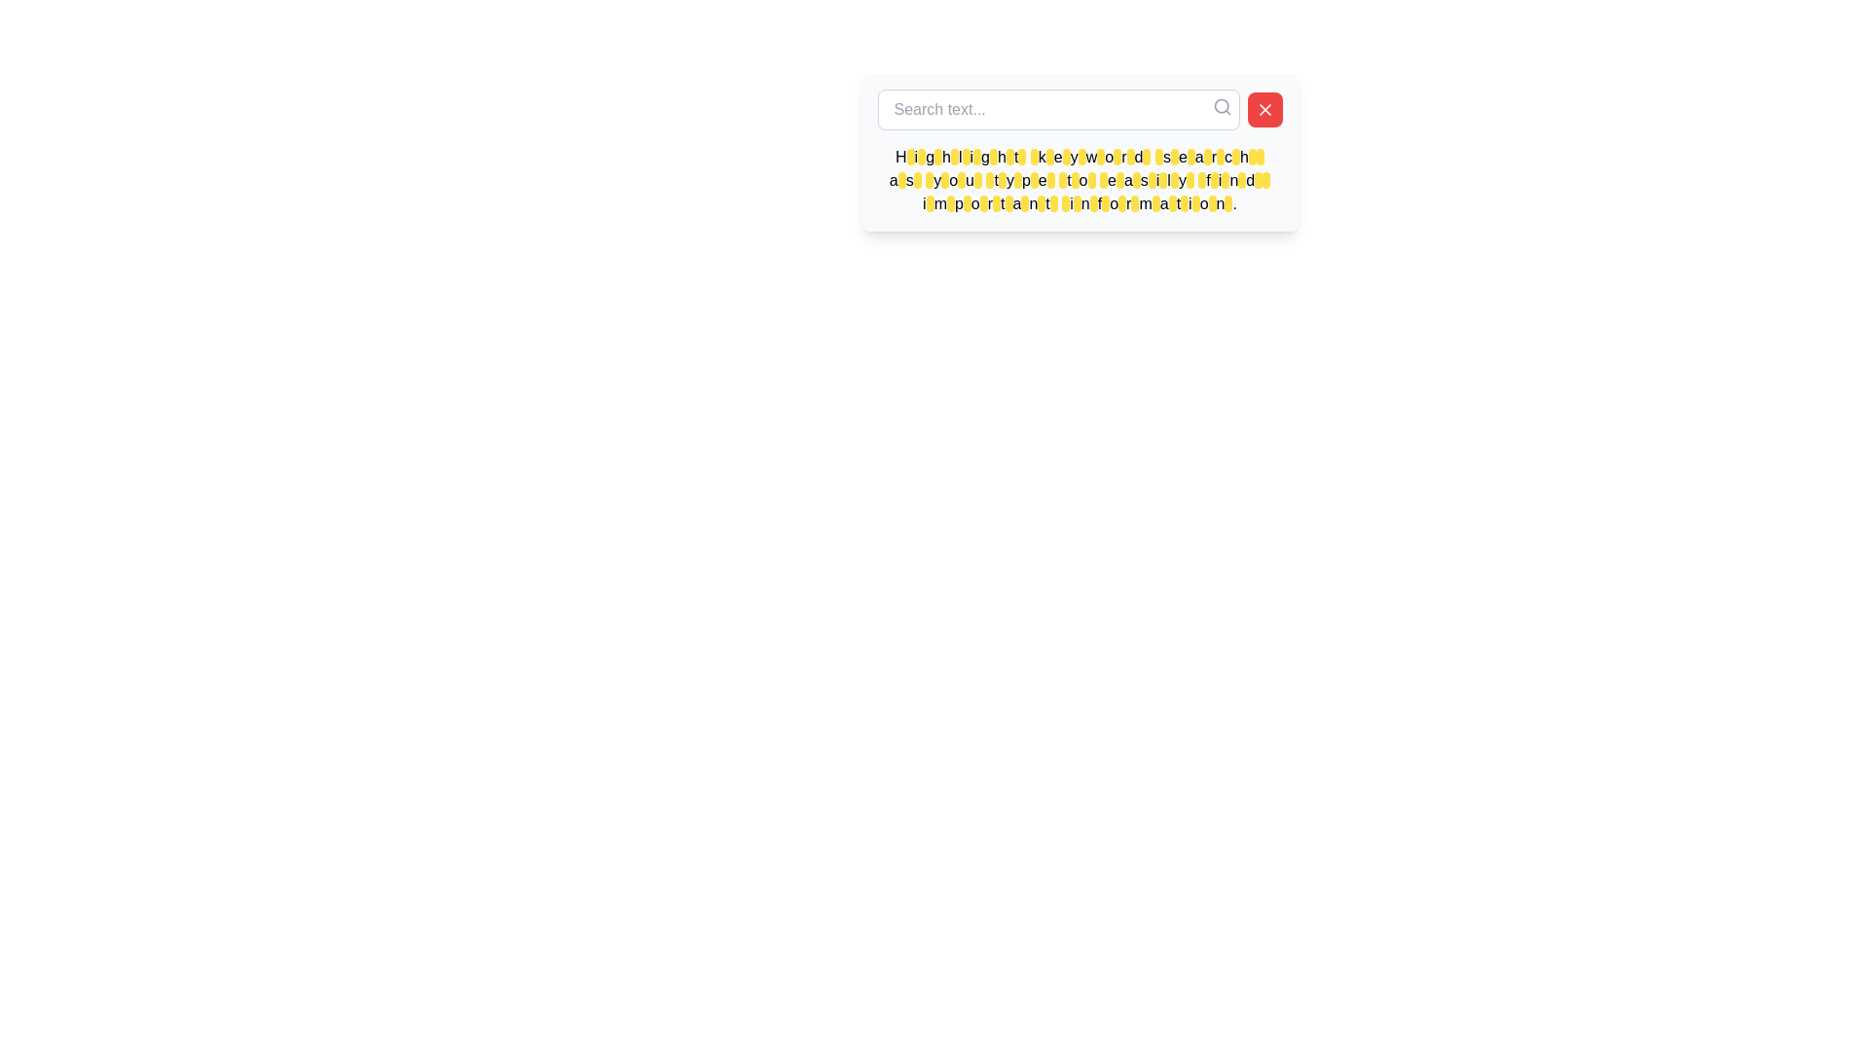  Describe the element at coordinates (1221, 107) in the screenshot. I see `the magnifying glass icon in the search bar to trigger a tooltip or visual highlight` at that location.